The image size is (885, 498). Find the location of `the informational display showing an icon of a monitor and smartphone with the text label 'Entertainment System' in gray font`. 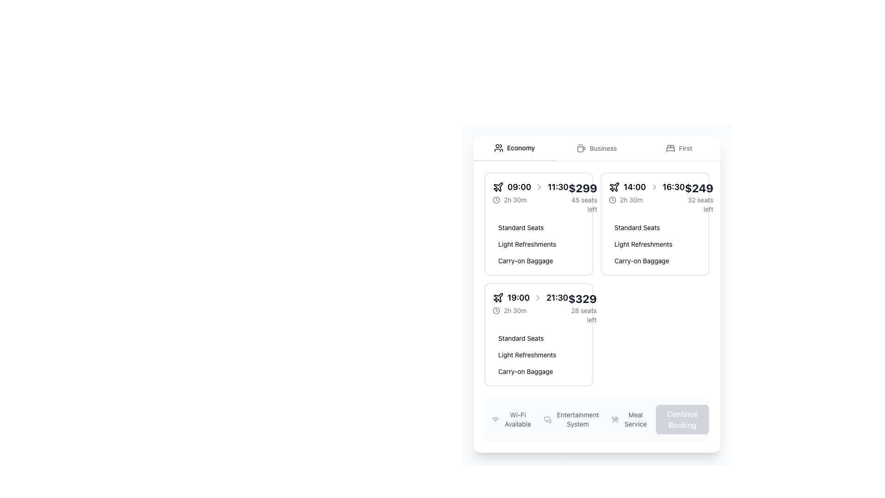

the informational display showing an icon of a monitor and smartphone with the text label 'Entertainment System' in gray font is located at coordinates (572, 420).